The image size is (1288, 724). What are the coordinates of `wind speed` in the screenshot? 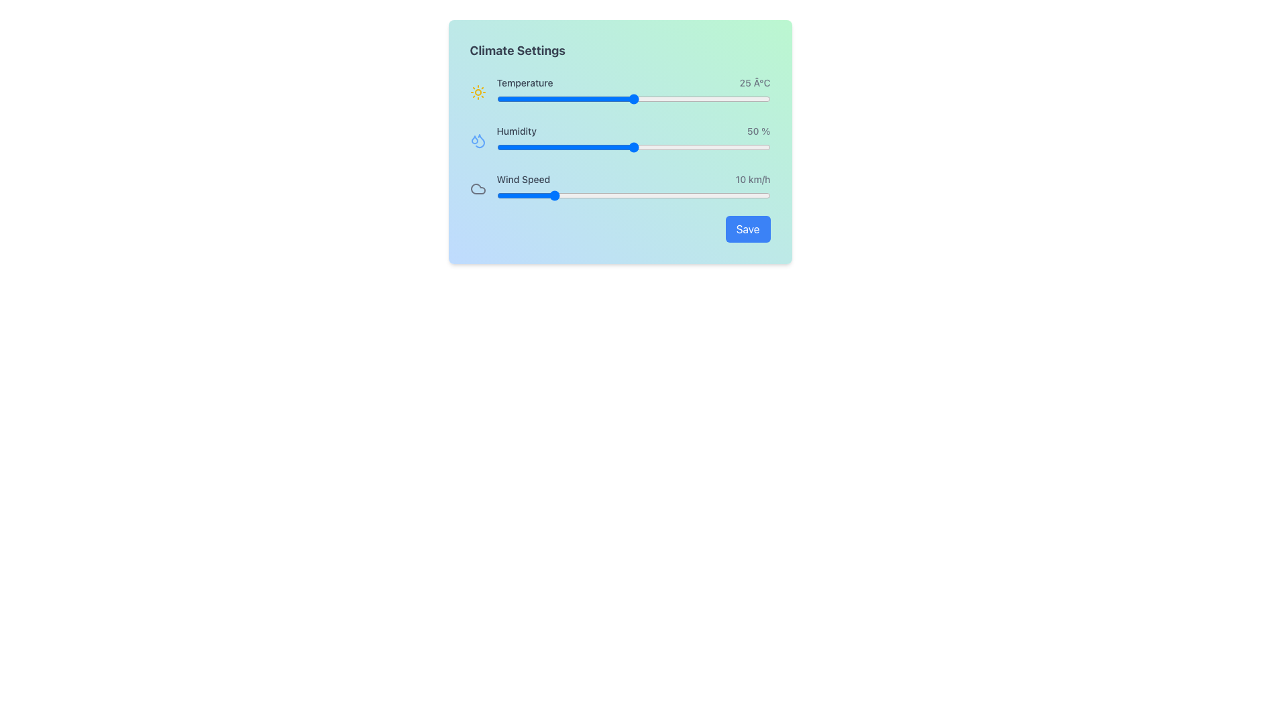 It's located at (562, 196).